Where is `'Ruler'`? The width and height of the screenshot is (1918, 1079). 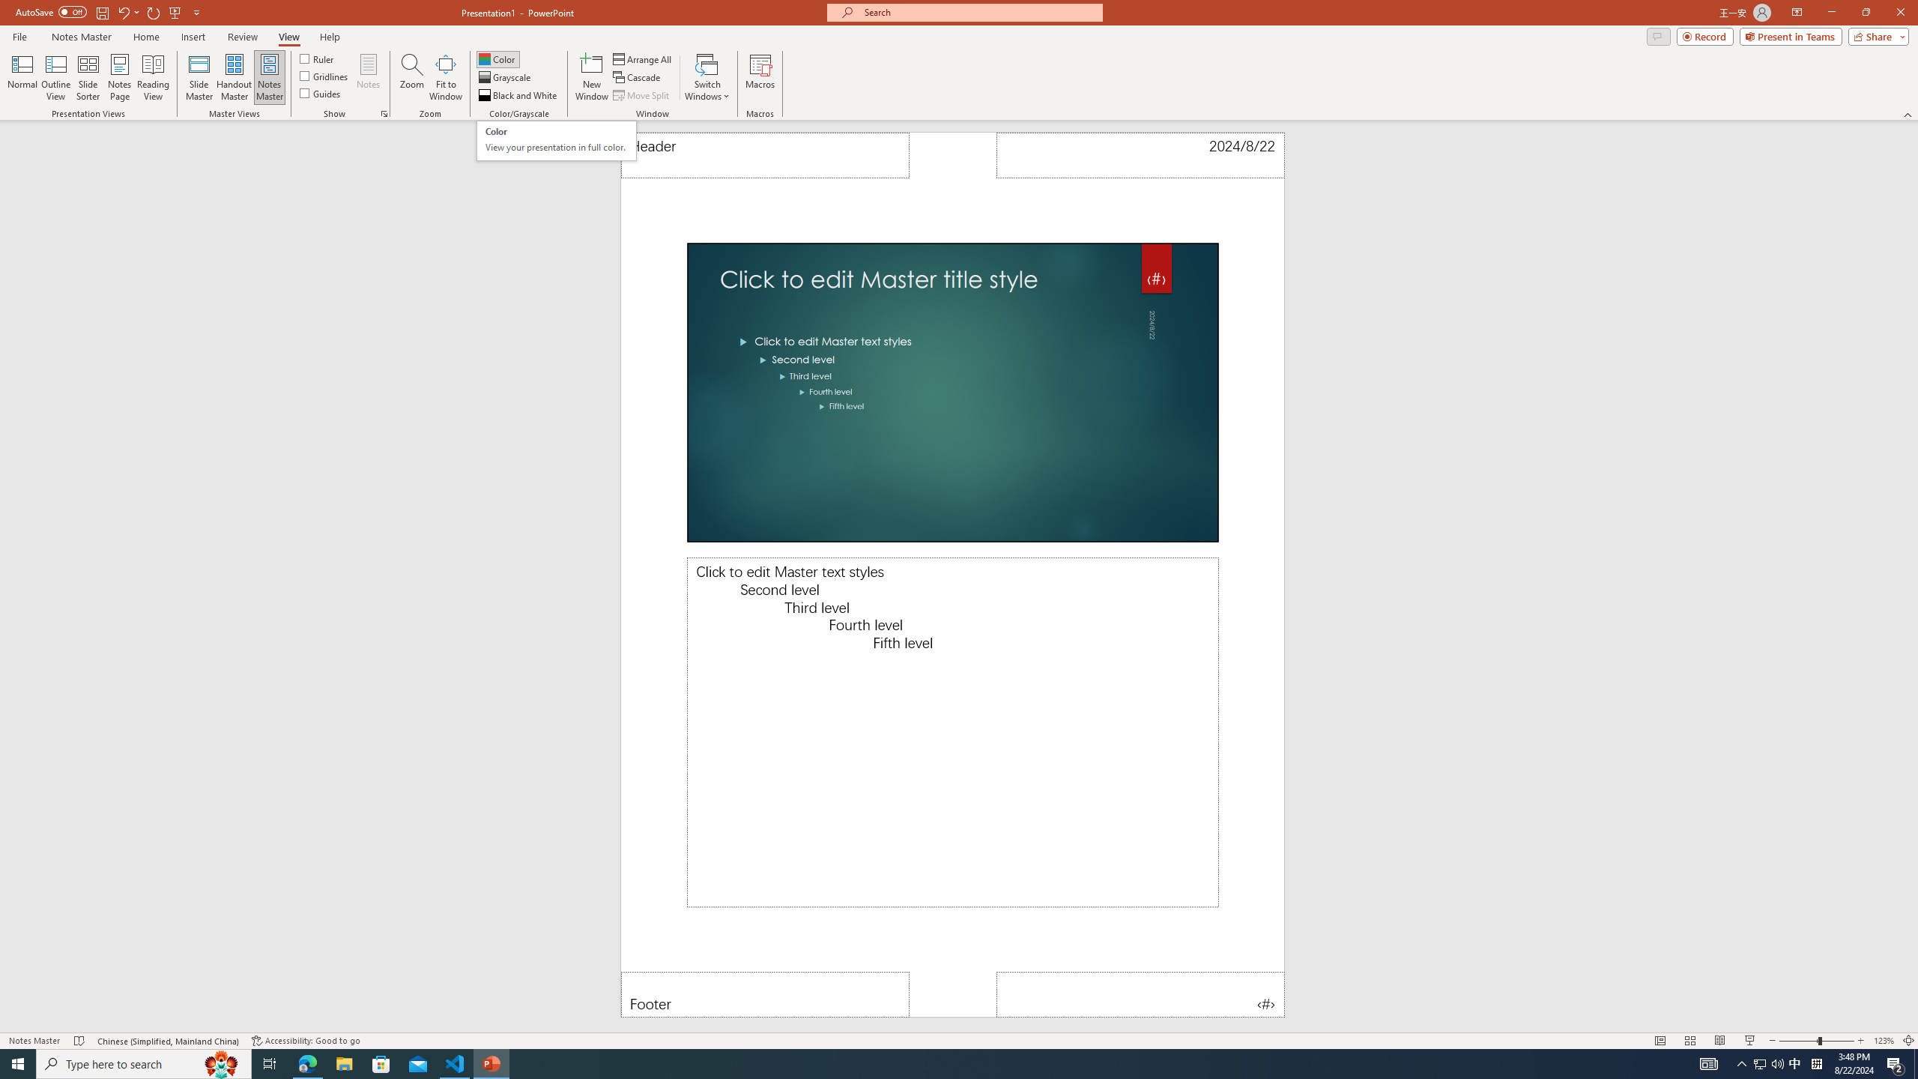
'Ruler' is located at coordinates (317, 58).